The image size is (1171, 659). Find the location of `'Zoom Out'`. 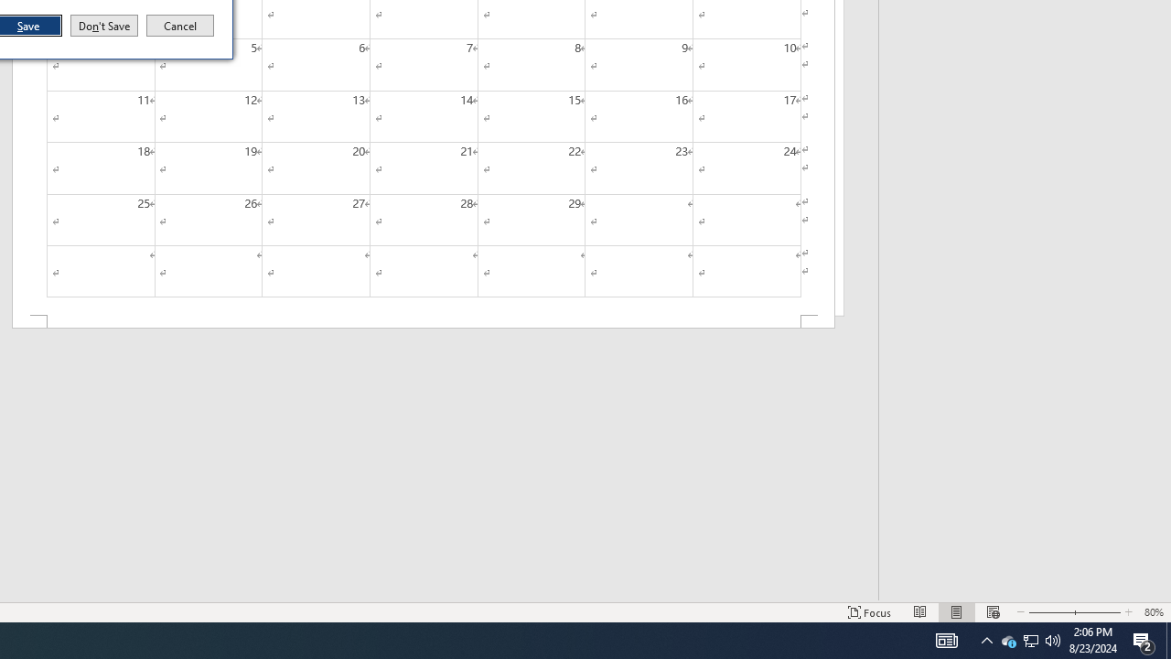

'Zoom Out' is located at coordinates (1046, 612).